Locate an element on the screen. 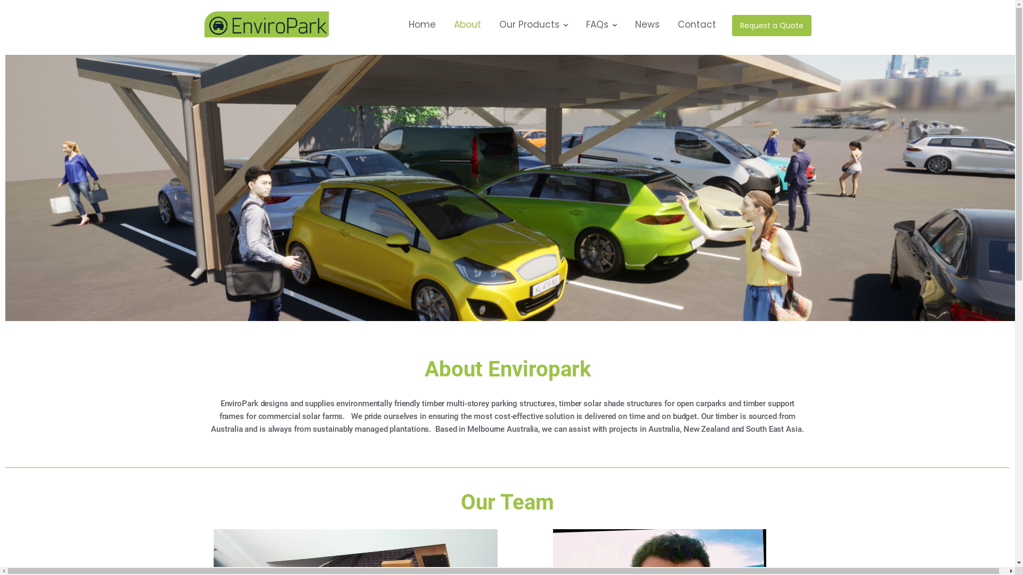  'FAQs' is located at coordinates (601, 24).